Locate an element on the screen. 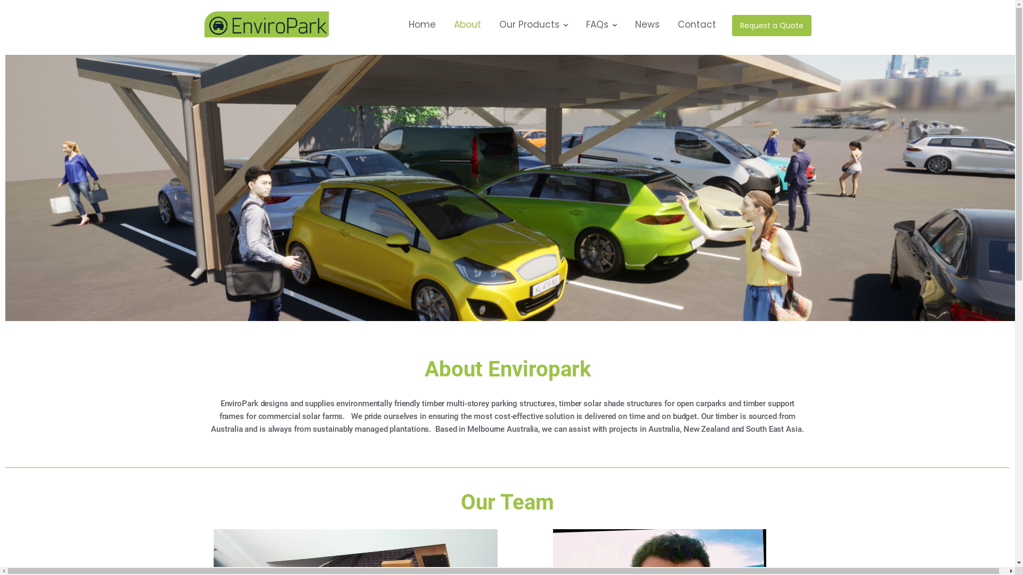  'FAQs' is located at coordinates (601, 24).